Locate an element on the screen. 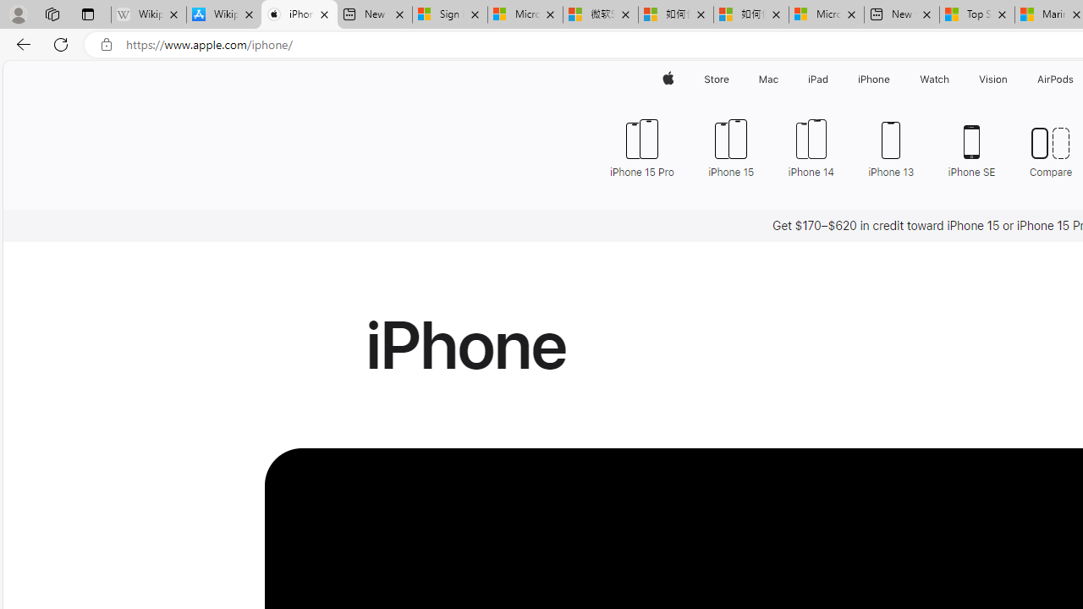 The width and height of the screenshot is (1083, 609). 'Watch menu' is located at coordinates (953, 79).